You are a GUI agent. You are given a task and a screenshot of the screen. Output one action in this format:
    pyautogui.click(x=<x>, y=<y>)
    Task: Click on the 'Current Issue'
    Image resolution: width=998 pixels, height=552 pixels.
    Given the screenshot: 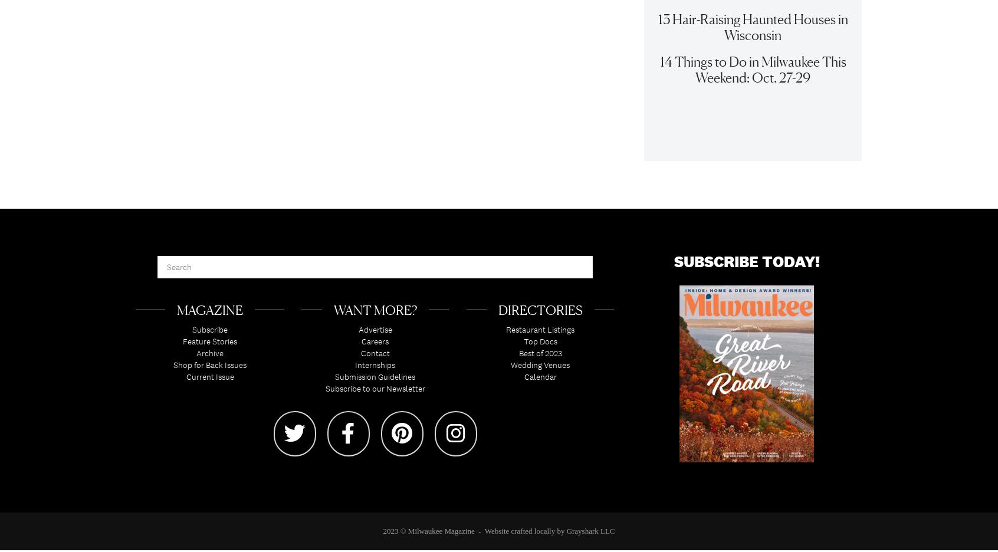 What is the action you would take?
    pyautogui.click(x=185, y=381)
    